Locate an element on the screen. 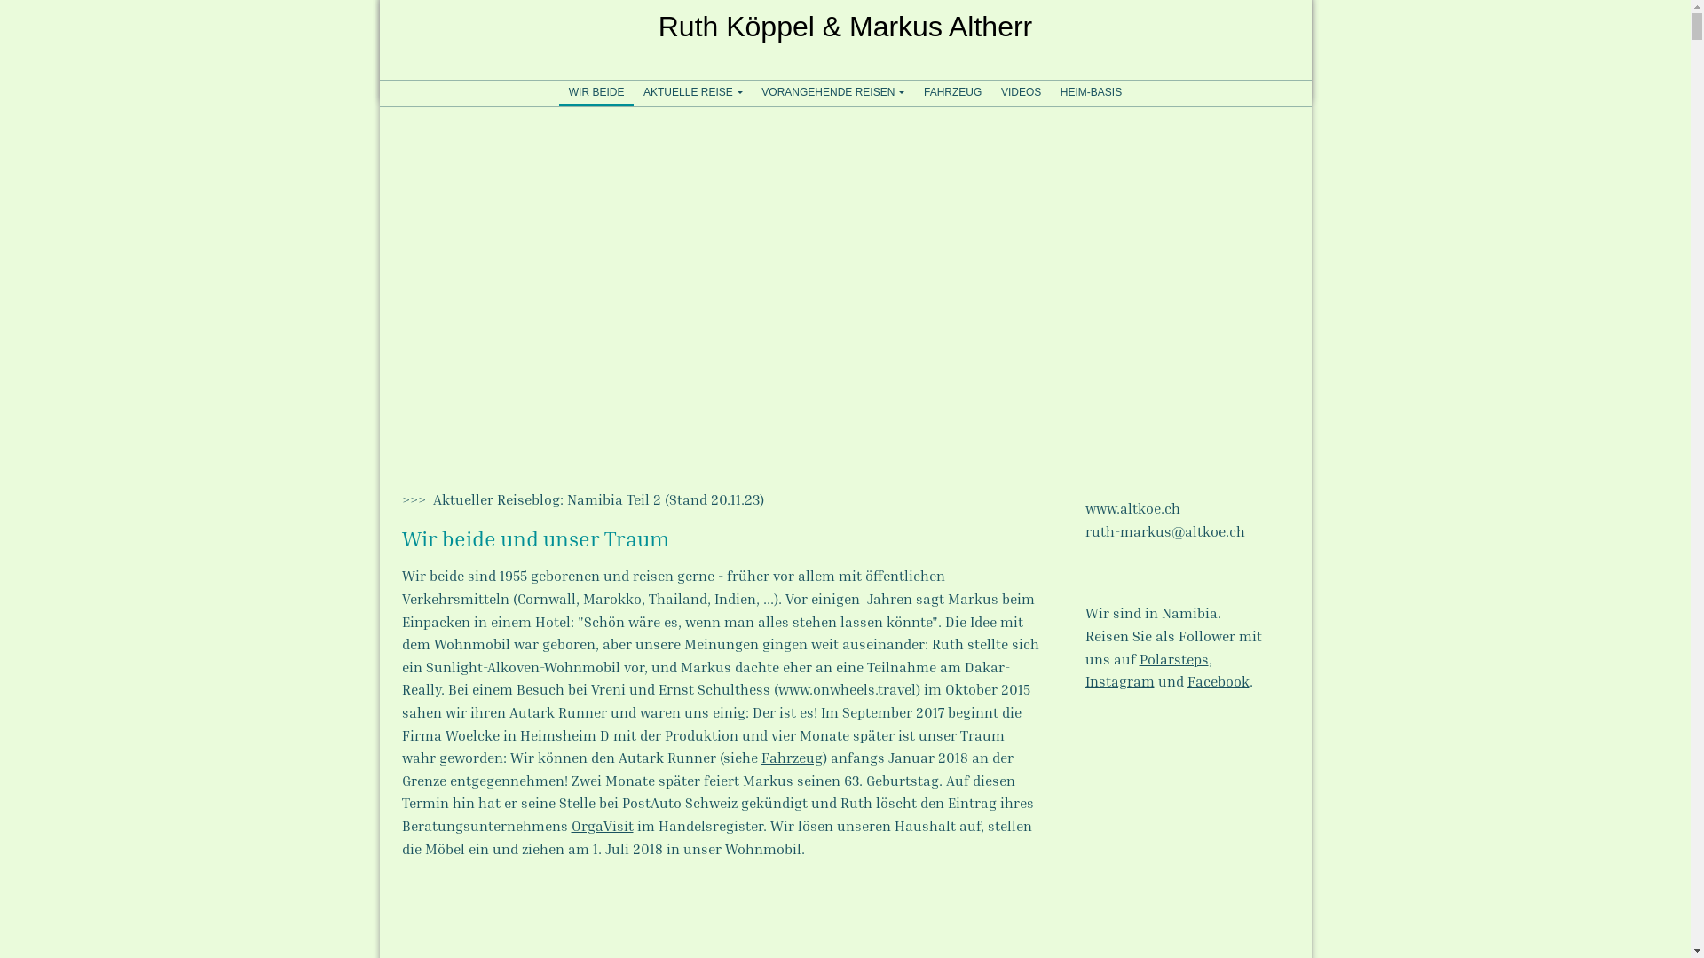 This screenshot has height=958, width=1704. 'Woelcke' is located at coordinates (446, 735).